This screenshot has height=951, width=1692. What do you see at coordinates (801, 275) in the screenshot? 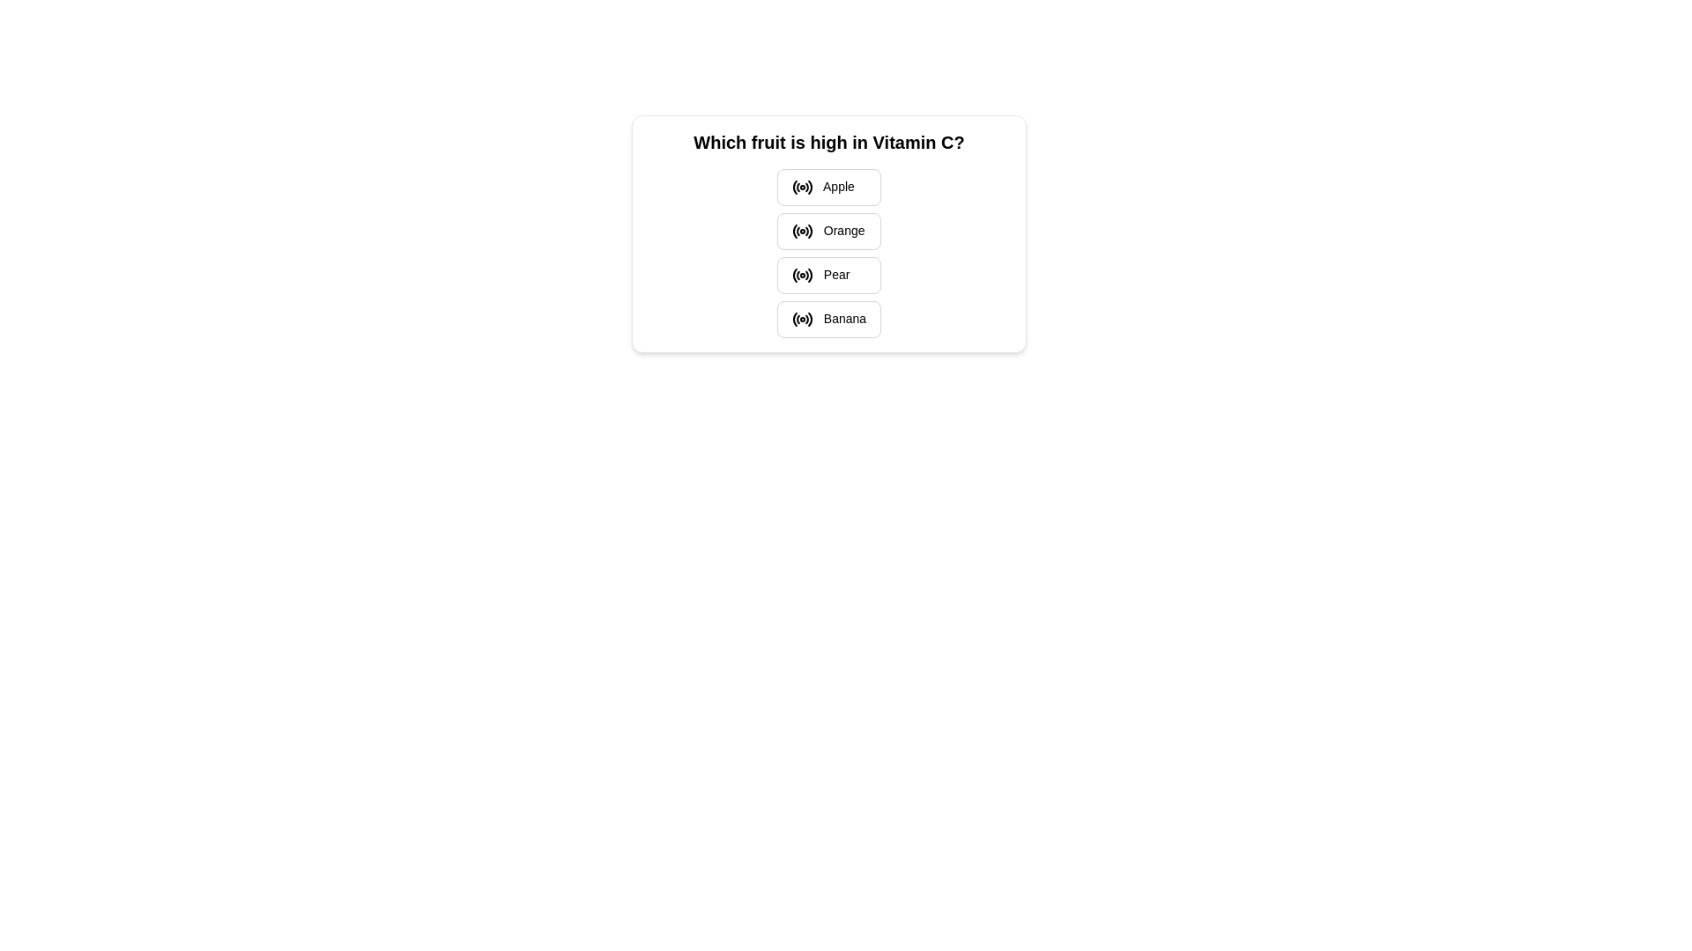
I see `the SVG graphic icon located to the immediate left of the text 'Pear' in the third option of a vertical list of selectable items` at bounding box center [801, 275].